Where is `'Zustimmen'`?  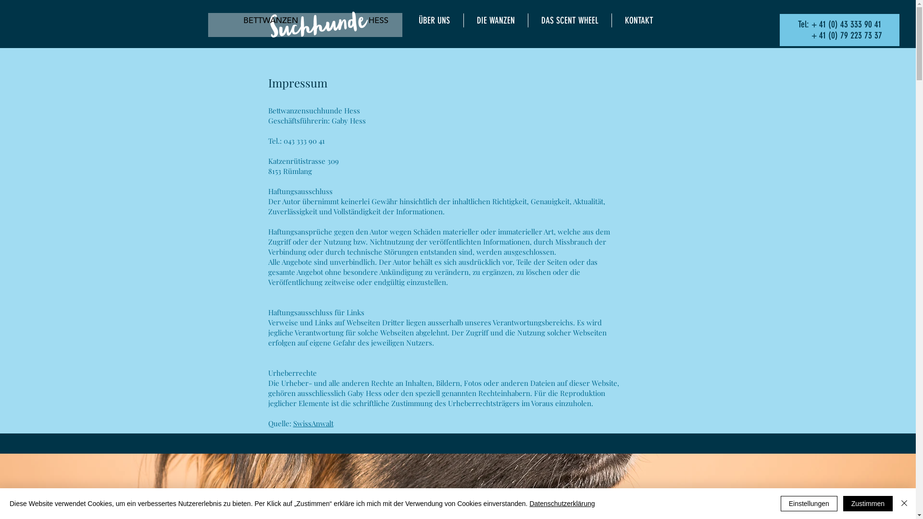 'Zustimmen' is located at coordinates (868, 503).